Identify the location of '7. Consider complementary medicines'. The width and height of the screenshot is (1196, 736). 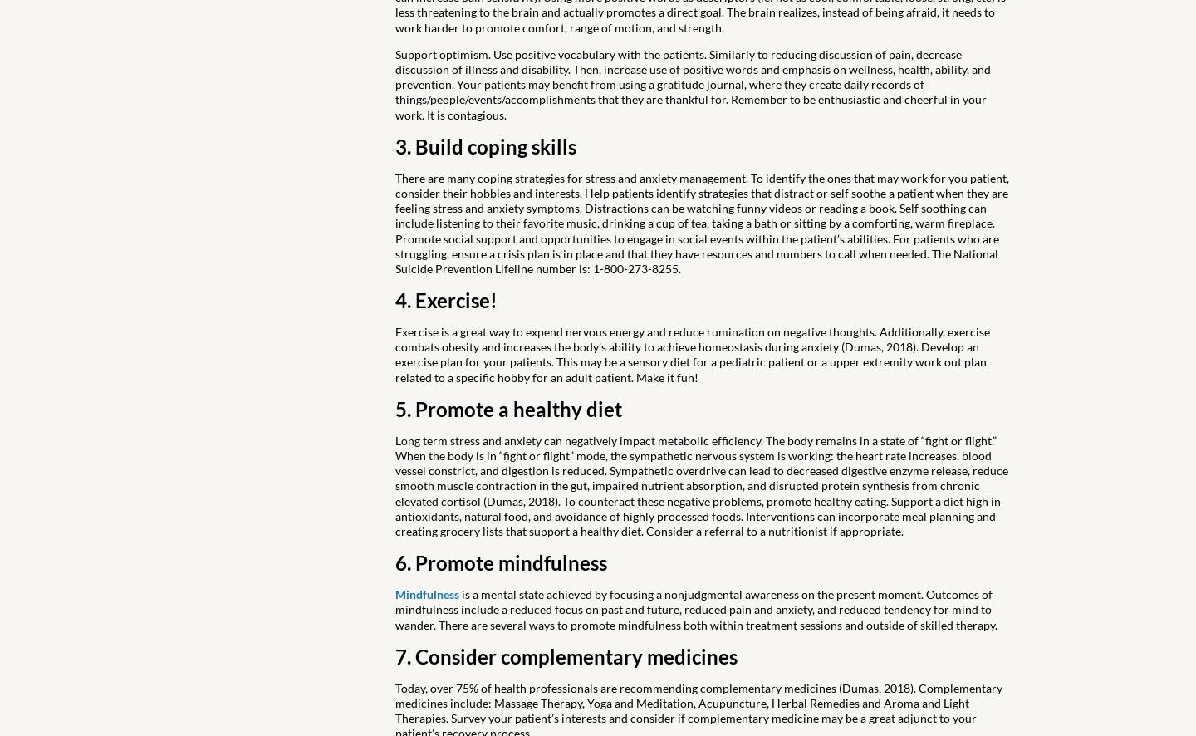
(566, 655).